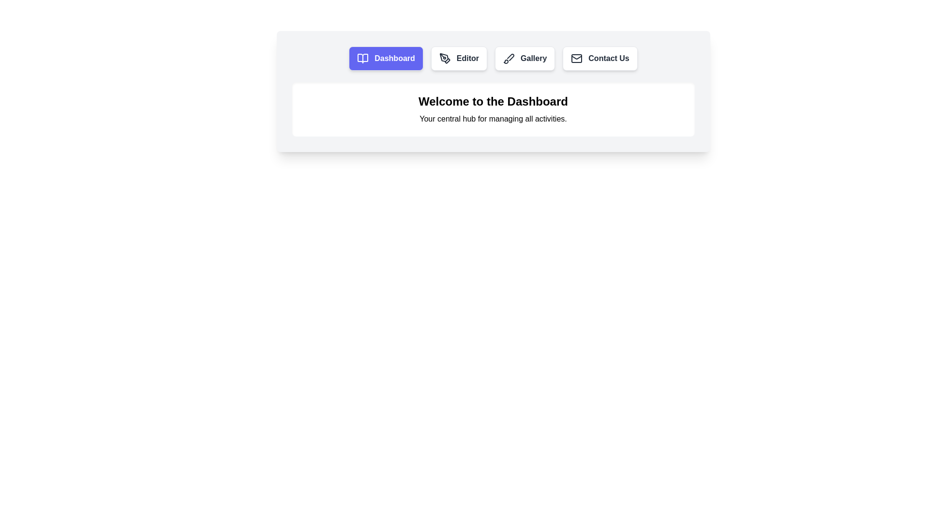  What do you see at coordinates (599, 58) in the screenshot?
I see `the 'Contact Us' button, which is the fourth button in a horizontal toolbar near the top center of the page, located to the right of the 'Gallery' button` at bounding box center [599, 58].